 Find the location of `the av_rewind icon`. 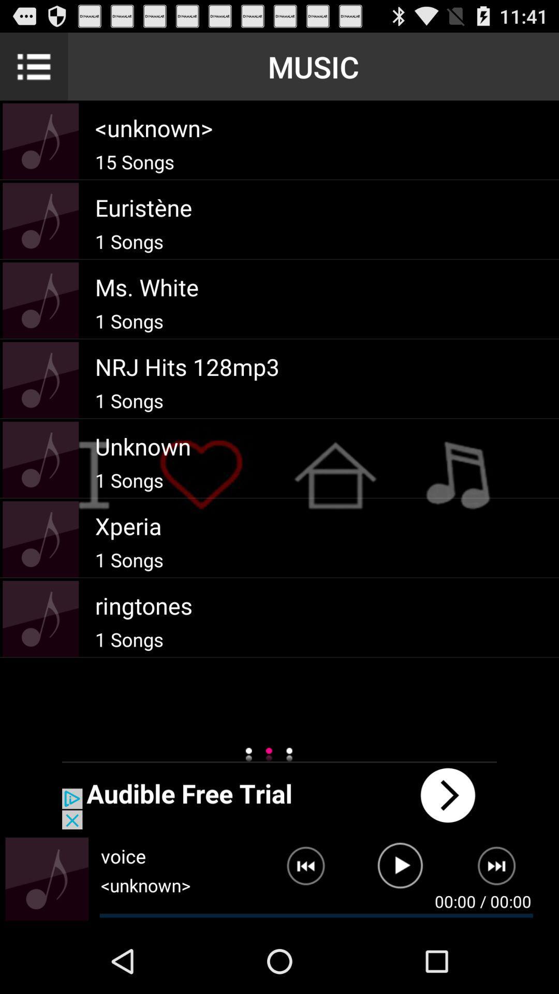

the av_rewind icon is located at coordinates (298, 931).